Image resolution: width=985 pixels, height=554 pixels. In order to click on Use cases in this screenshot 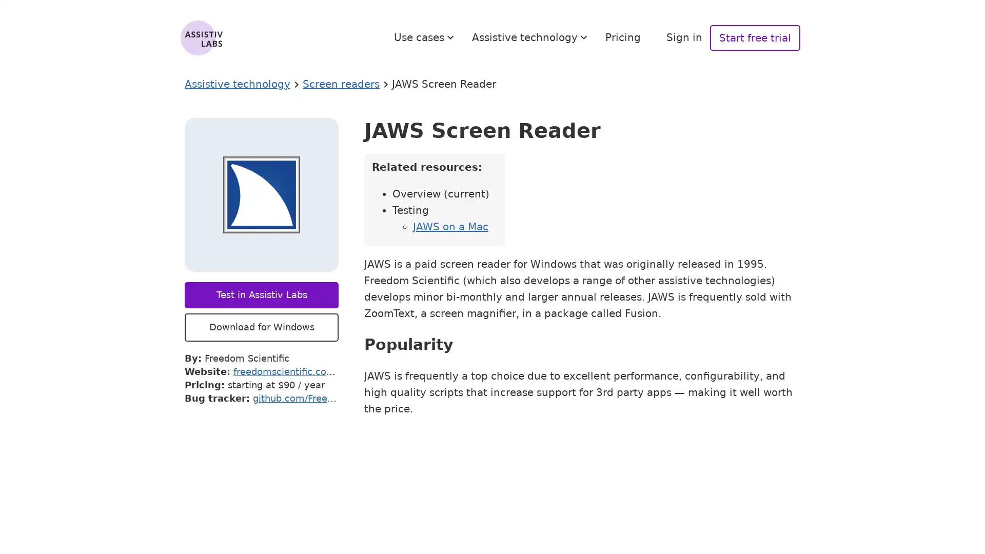, I will do `click(425, 37)`.